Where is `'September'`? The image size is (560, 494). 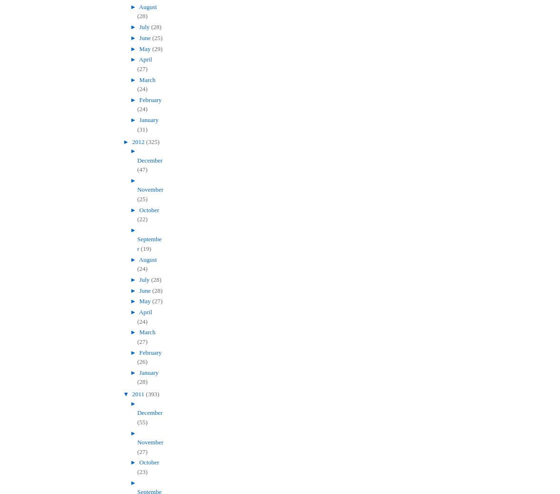
'September' is located at coordinates (149, 243).